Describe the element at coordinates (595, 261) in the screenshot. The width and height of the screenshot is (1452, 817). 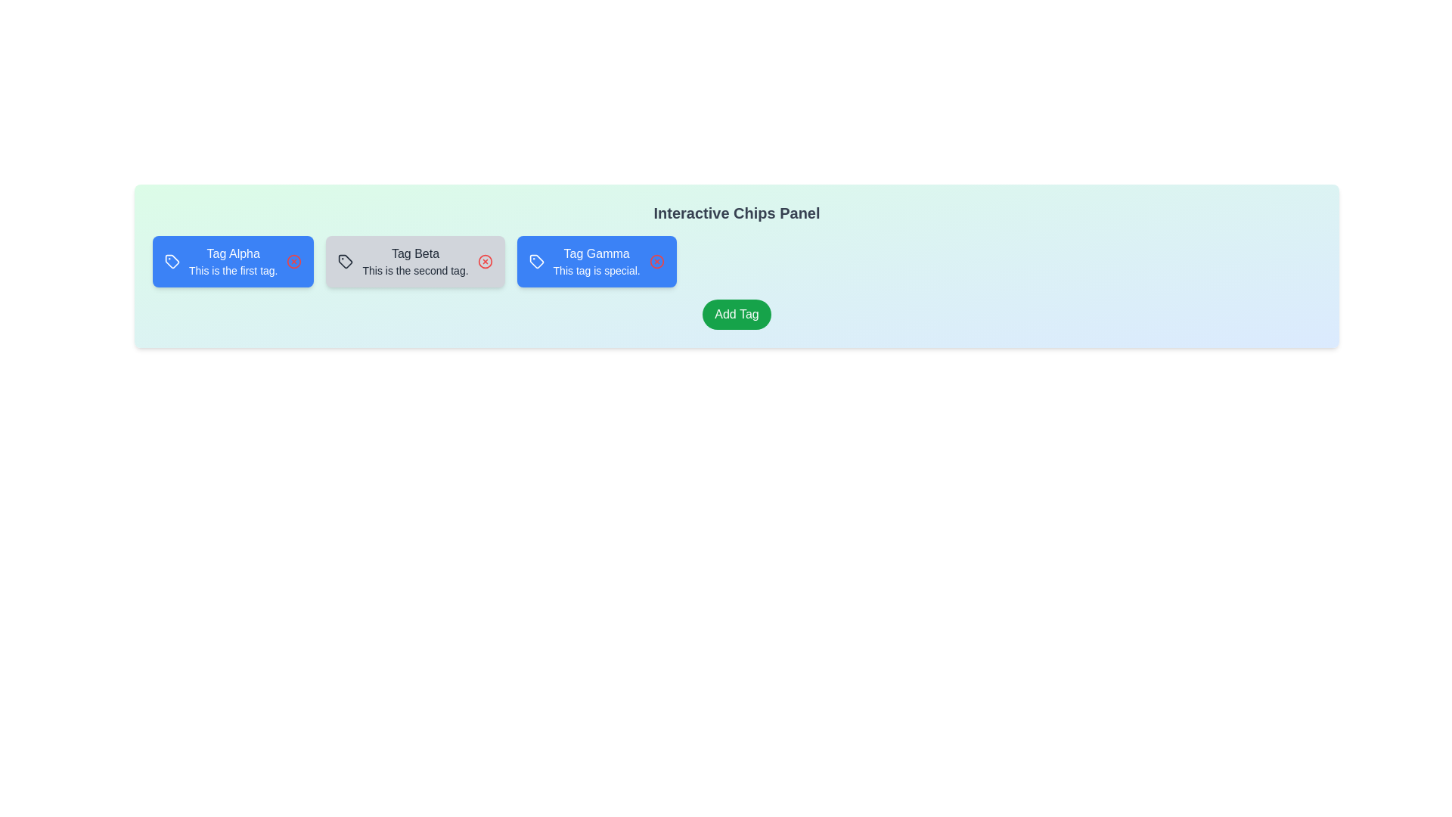
I see `the chip labeled Tag Gamma to read its details` at that location.